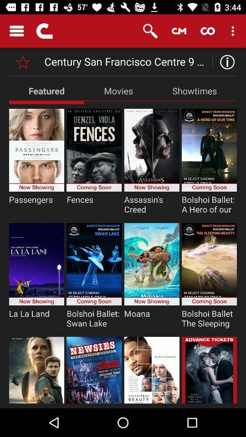  I want to click on the showtimes, so click(194, 91).